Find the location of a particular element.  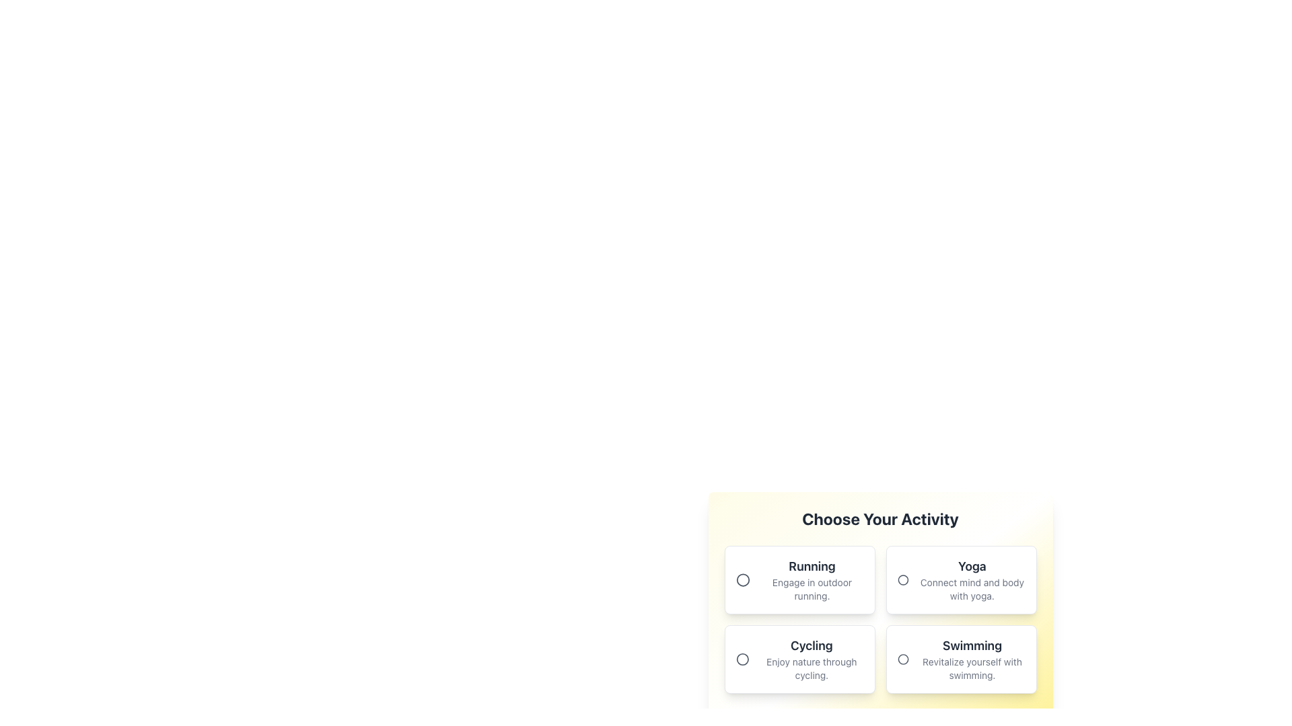

the selectable text label for the activity 'Swimming' located in the bottom-right card of a 2x2 grid under the 'Choose Your Activity' section is located at coordinates (972, 658).